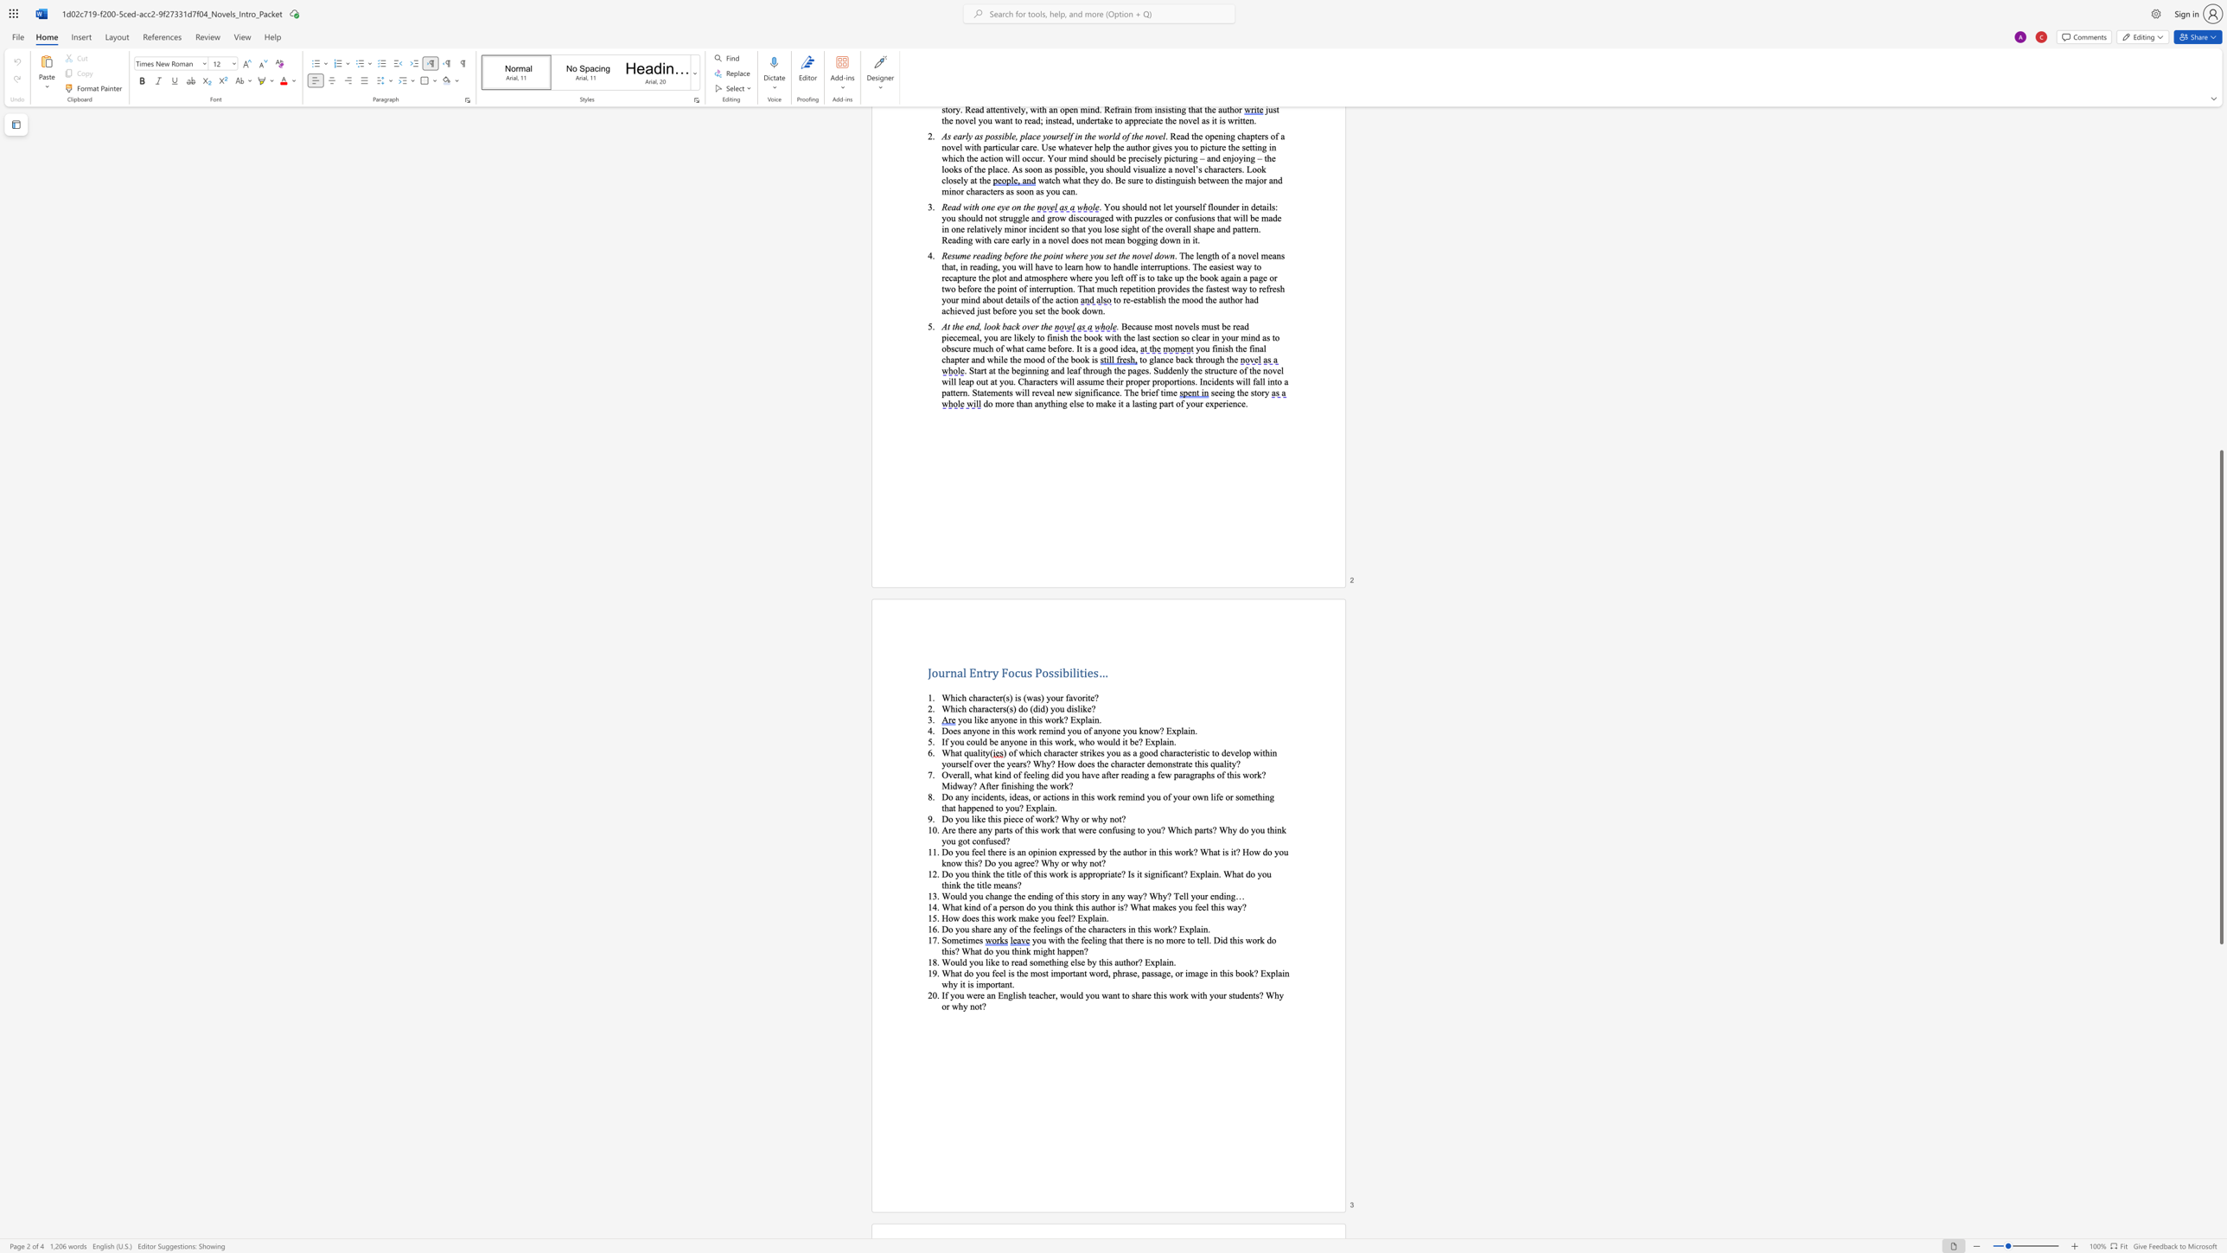 This screenshot has width=2227, height=1253. What do you see at coordinates (1227, 763) in the screenshot?
I see `the space between the continuous character "l" and "i" in the text` at bounding box center [1227, 763].